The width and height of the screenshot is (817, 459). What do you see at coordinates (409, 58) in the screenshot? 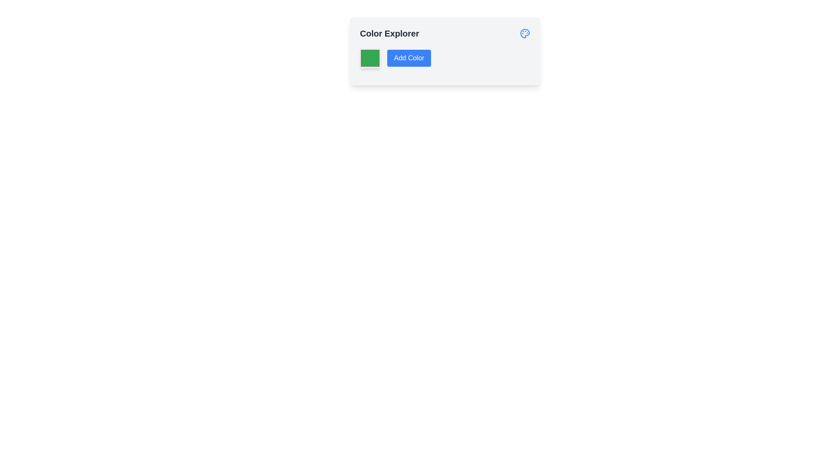
I see `the 'Add Color' button, which is a rectangular button with white text on a blue background, located to the right of a green color box in the Color Explorer section` at bounding box center [409, 58].